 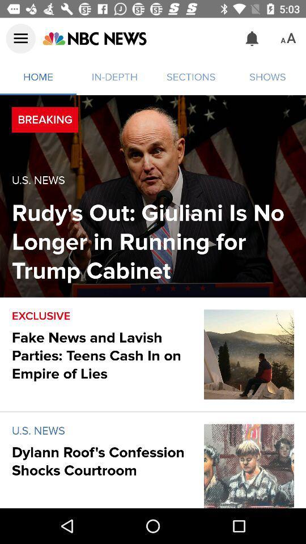 What do you see at coordinates (93, 39) in the screenshot?
I see `open nbc news front page` at bounding box center [93, 39].